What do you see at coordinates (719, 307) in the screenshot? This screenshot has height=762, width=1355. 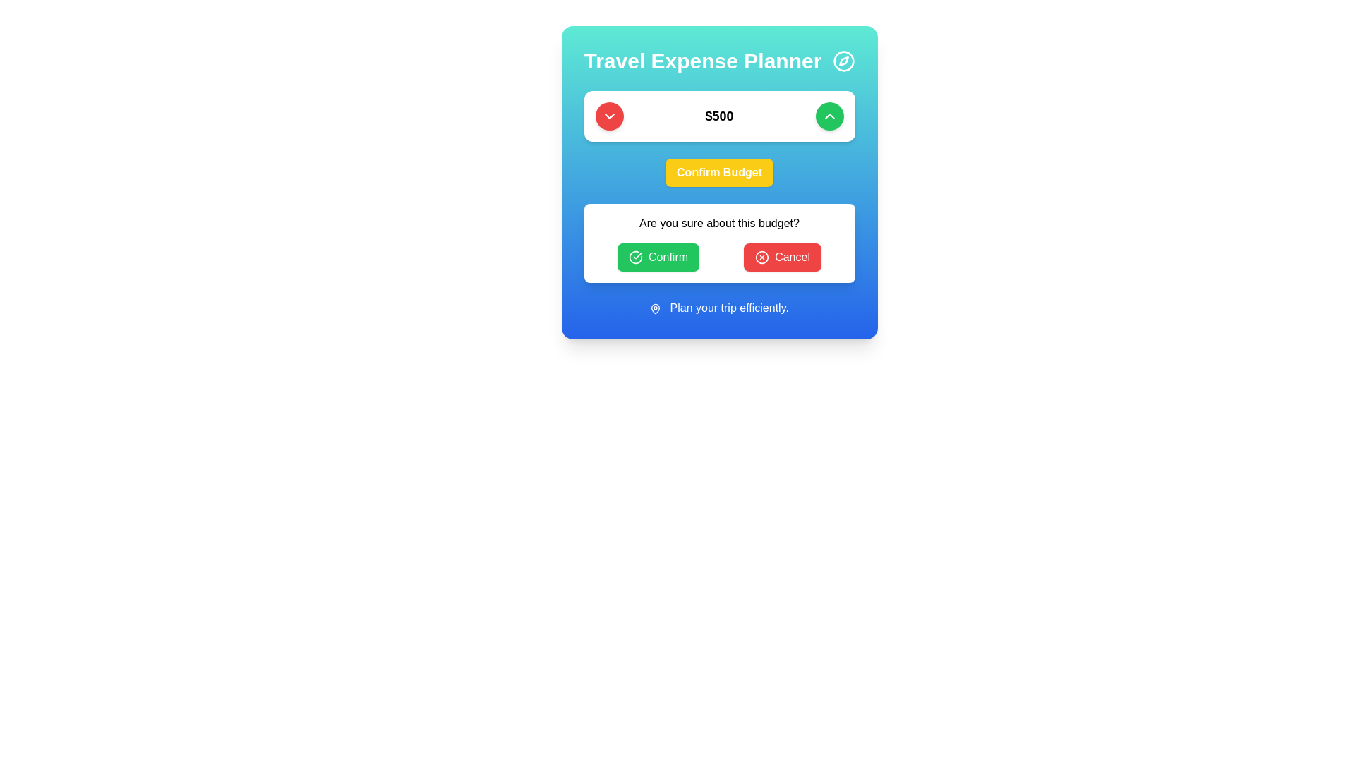 I see `text 'Plan your trip efficiently.' from the text with icon located at the bottom center of the card-like interface, which features a compact map-pin icon and is styled in white against a gradient blue background` at bounding box center [719, 307].